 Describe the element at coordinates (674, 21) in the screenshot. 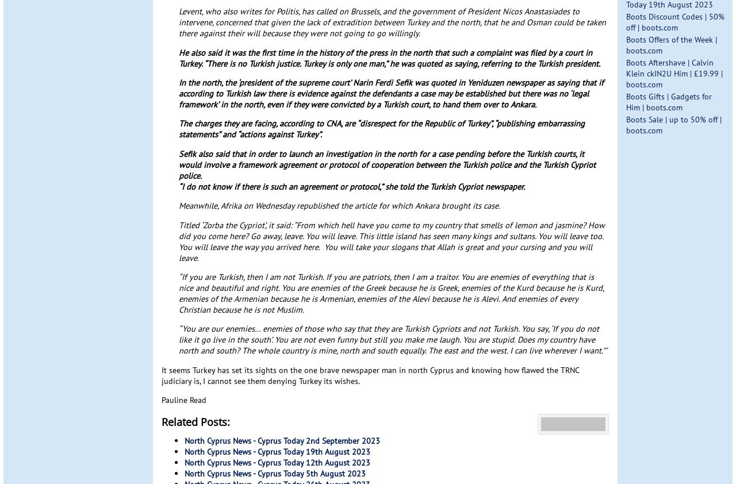

I see `'Boots Discount Codes | 50% off | boots.com'` at that location.